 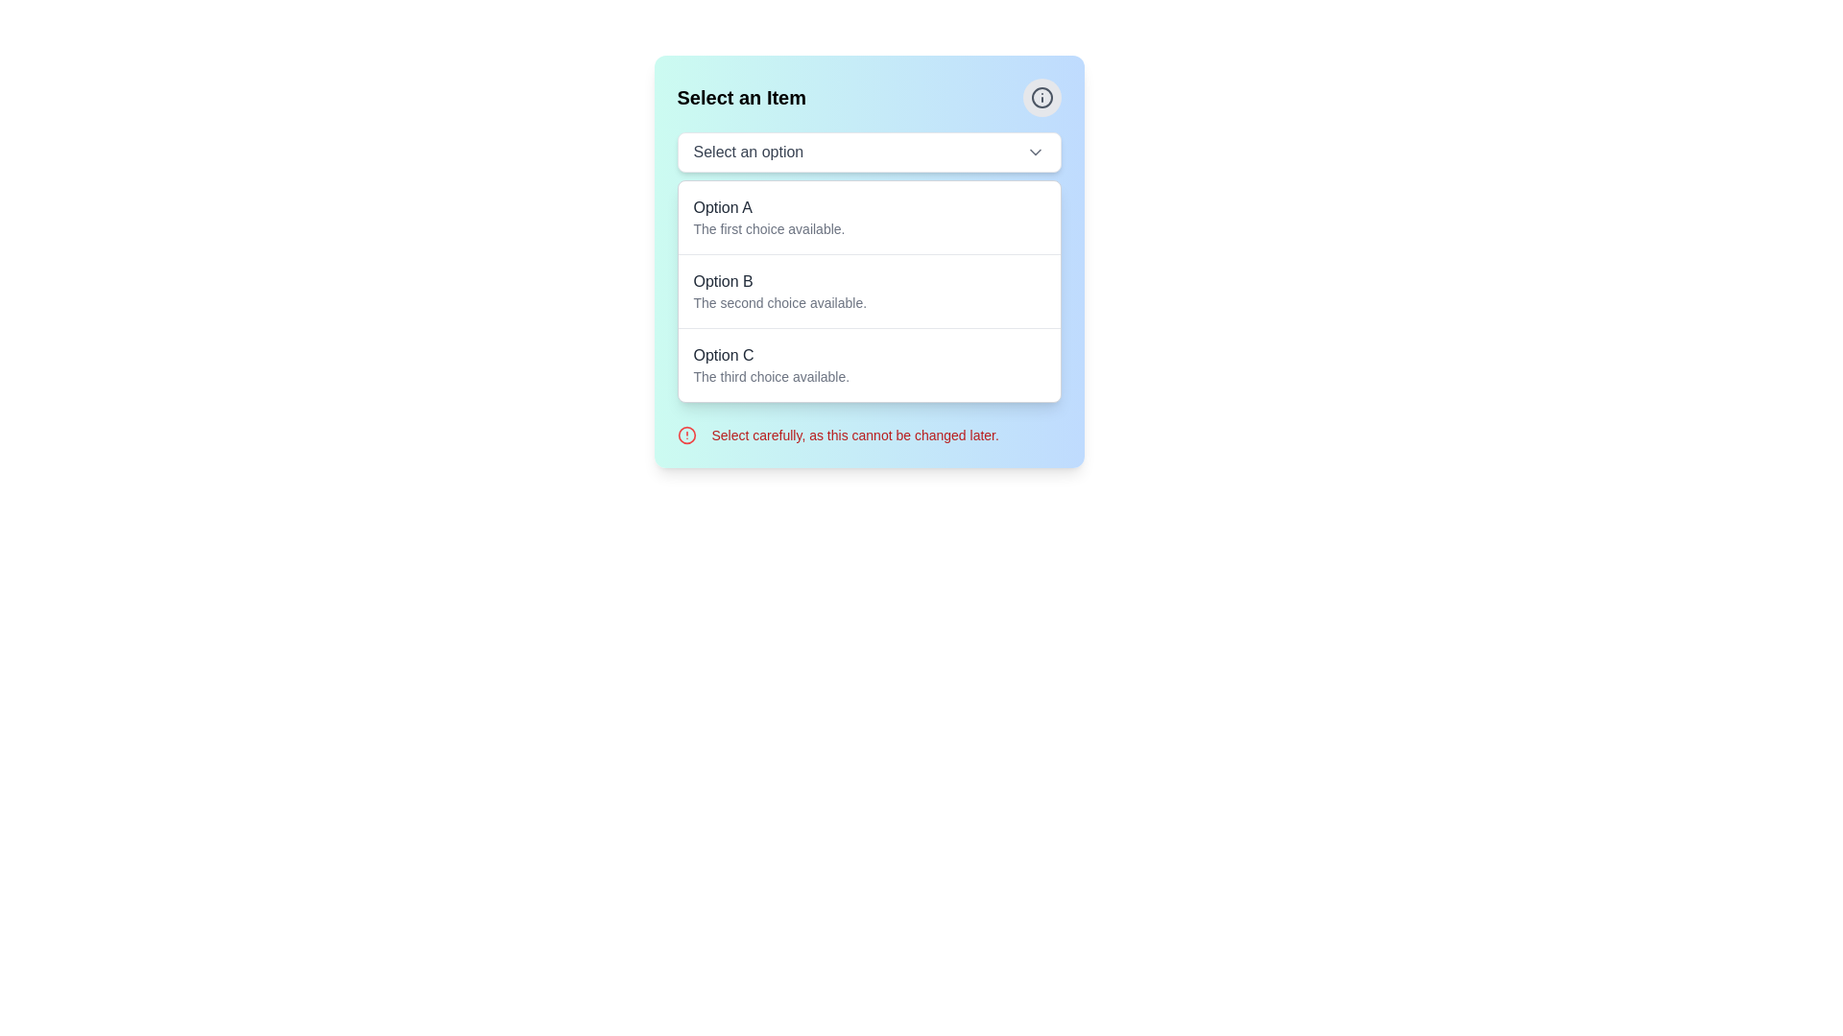 I want to click on the gray-stroked circular element that is part of the 'info' or 'help' icon located in the top-right corner of the interactive component, so click(x=1041, y=97).